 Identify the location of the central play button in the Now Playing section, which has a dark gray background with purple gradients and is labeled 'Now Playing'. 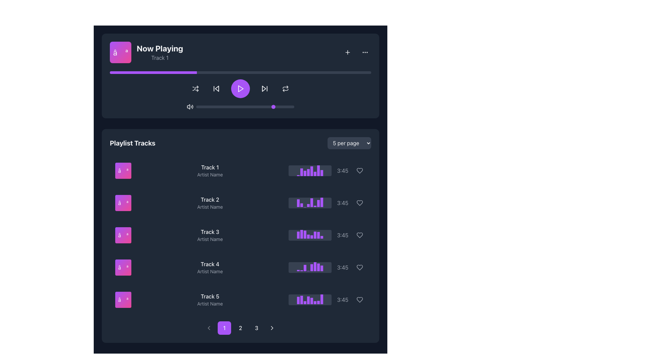
(240, 76).